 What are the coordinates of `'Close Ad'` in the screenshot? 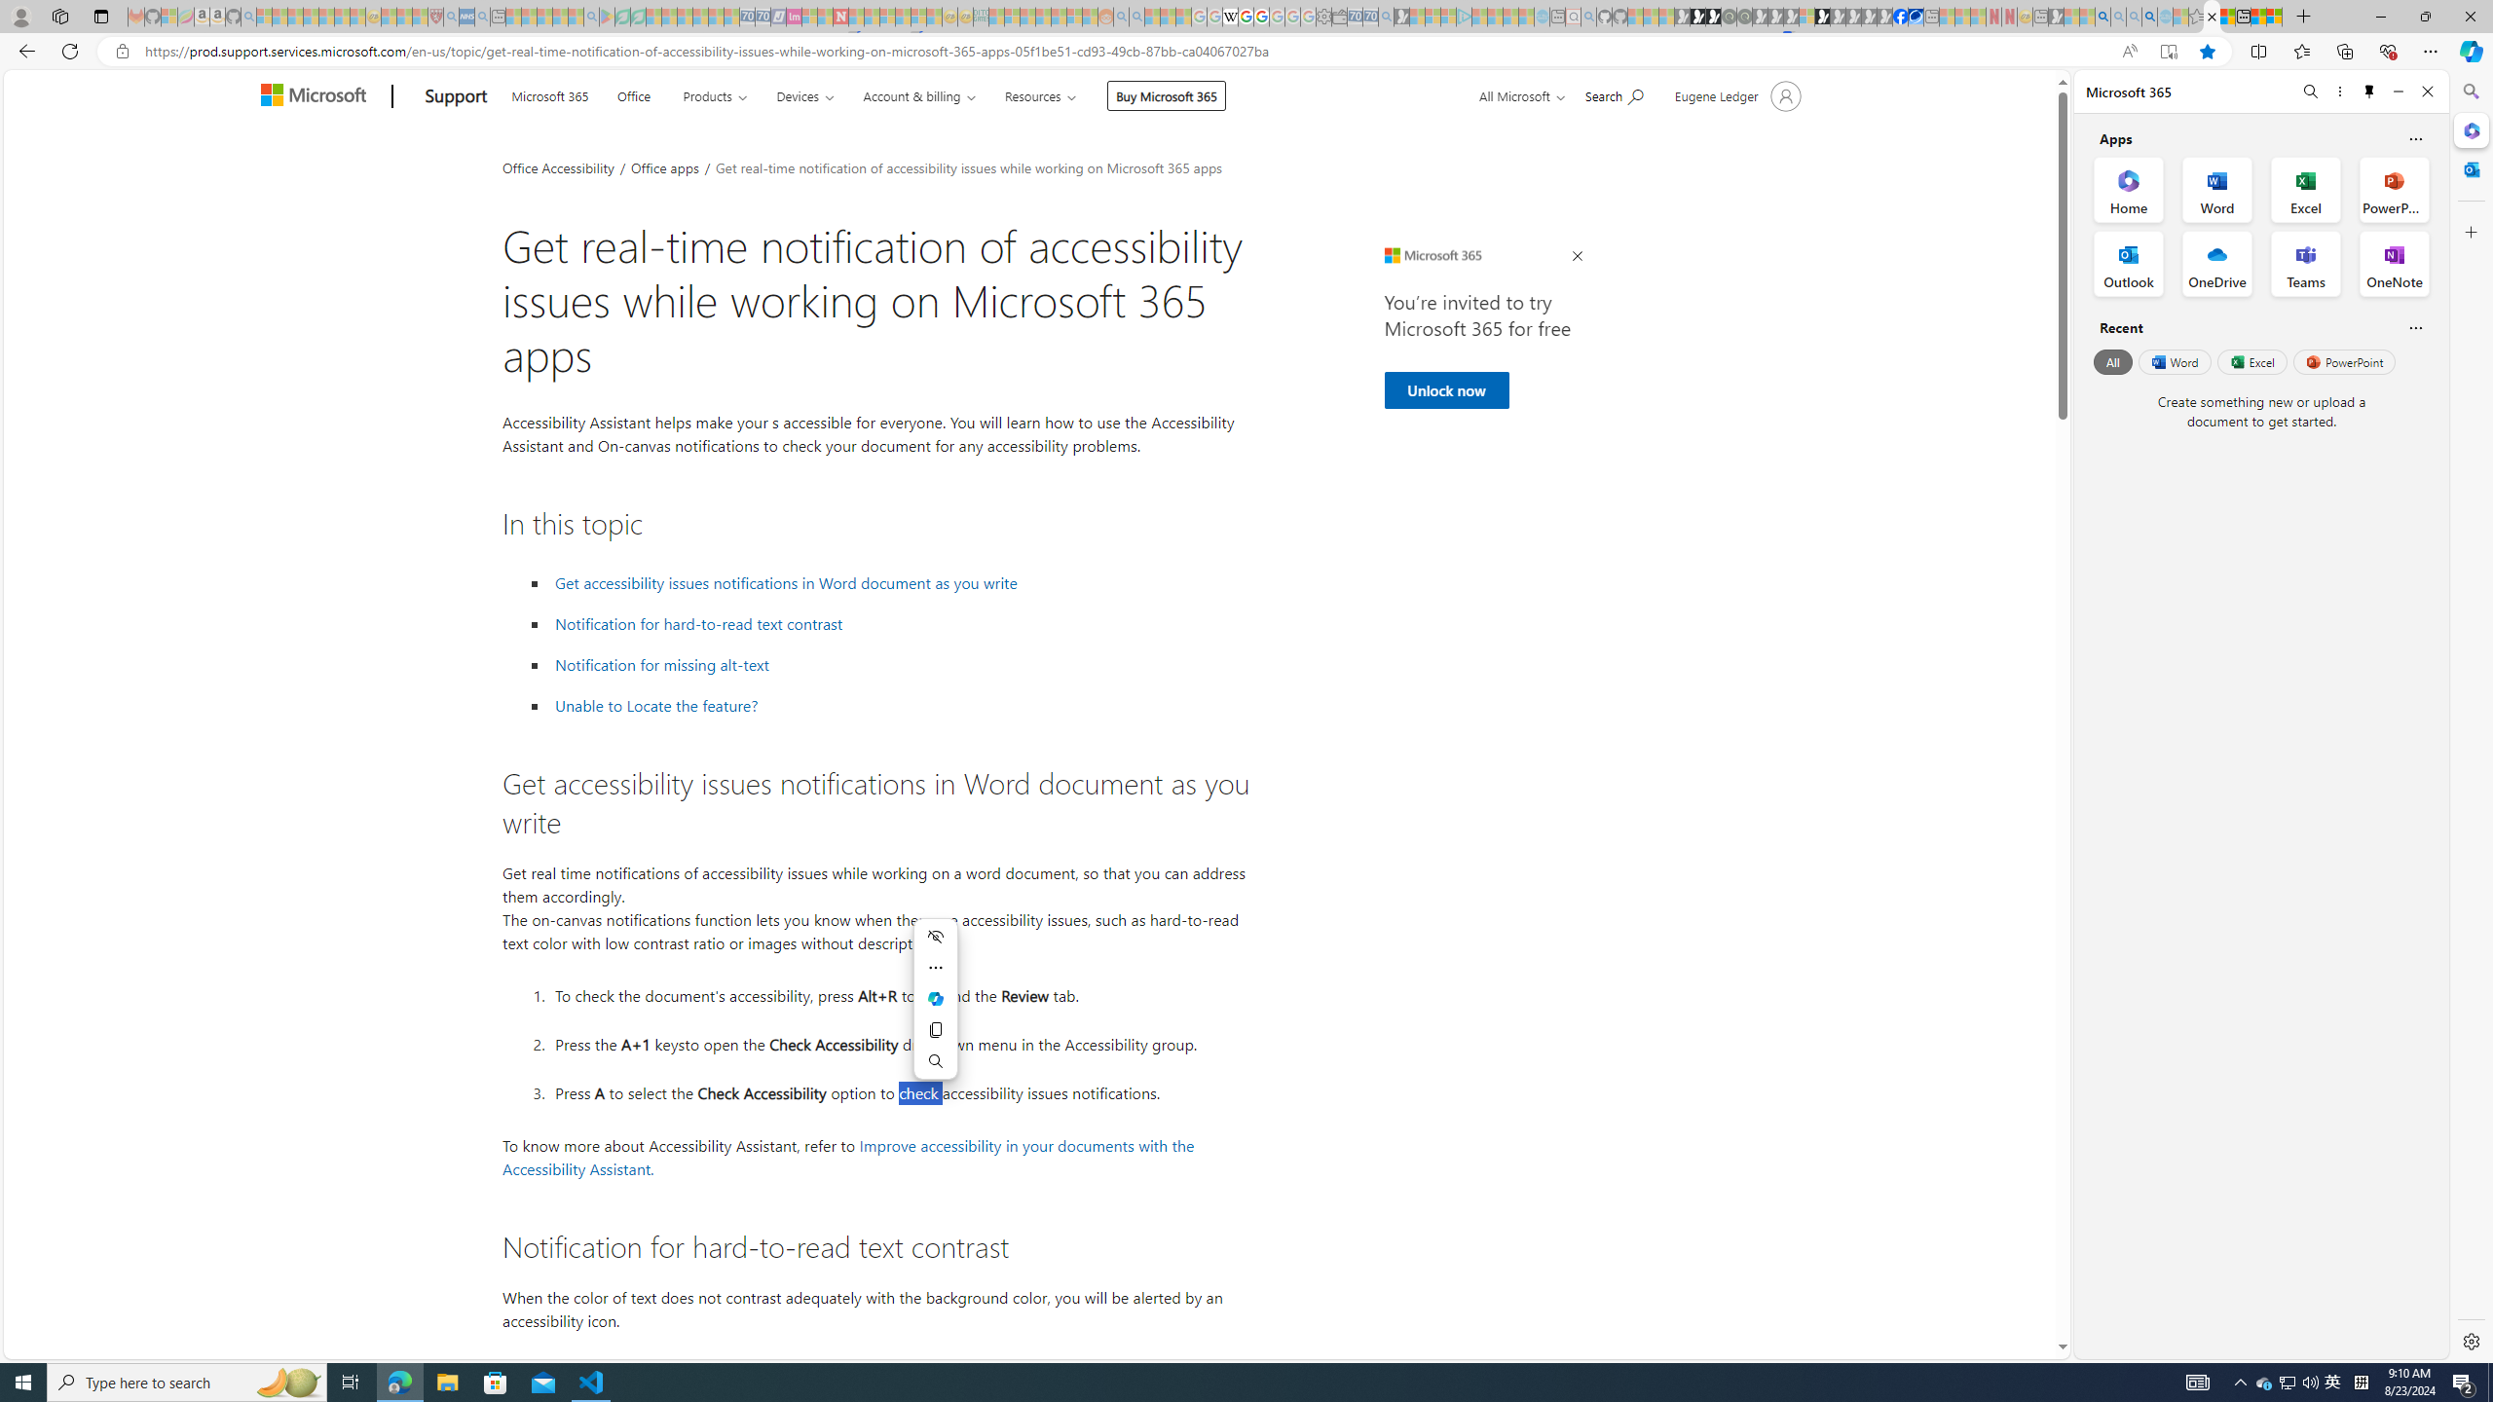 It's located at (1576, 256).